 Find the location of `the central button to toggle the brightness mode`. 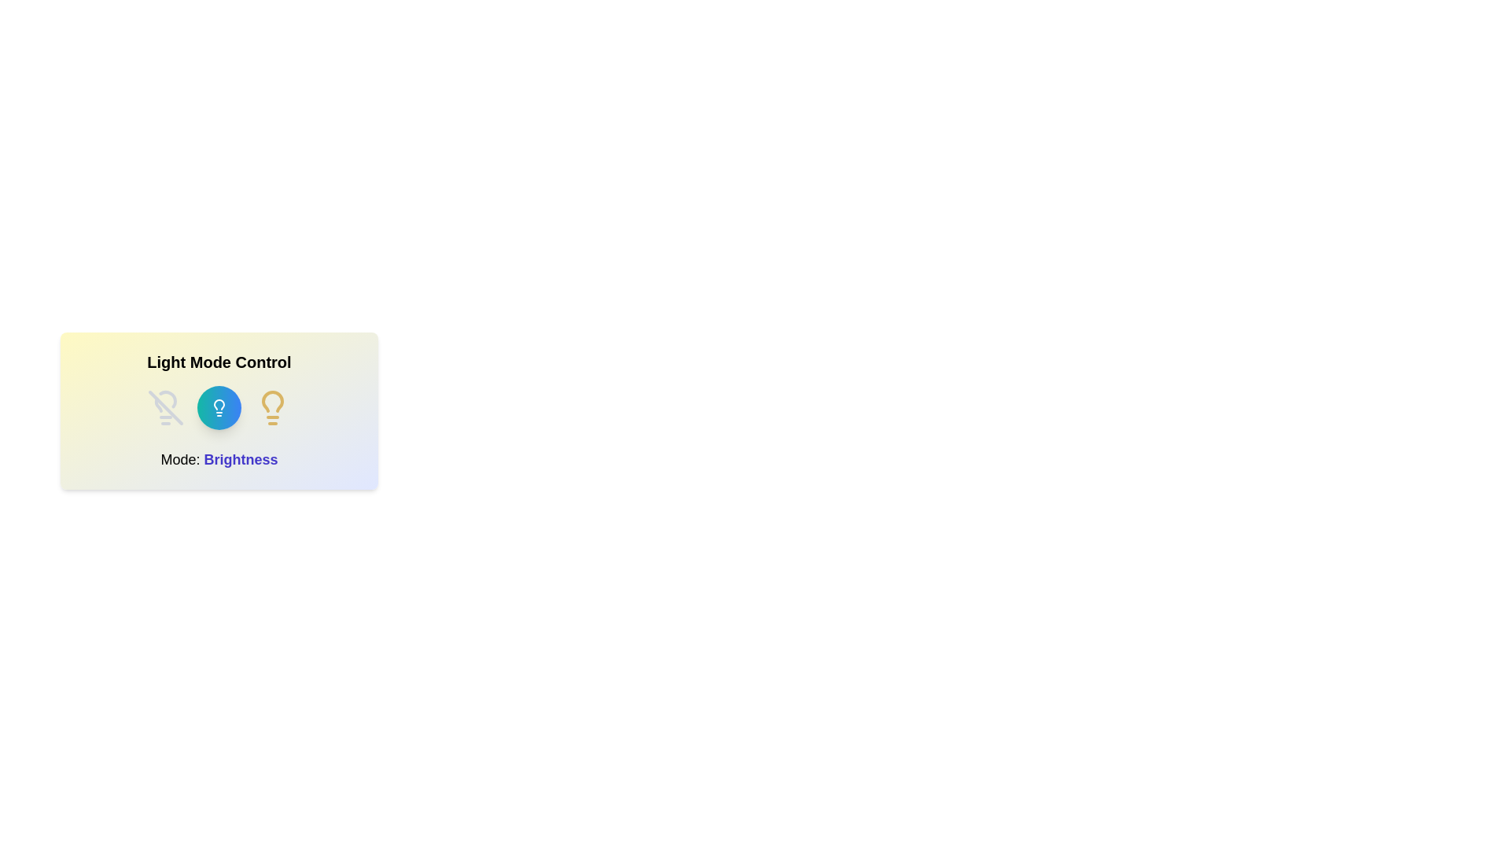

the central button to toggle the brightness mode is located at coordinates (218, 407).